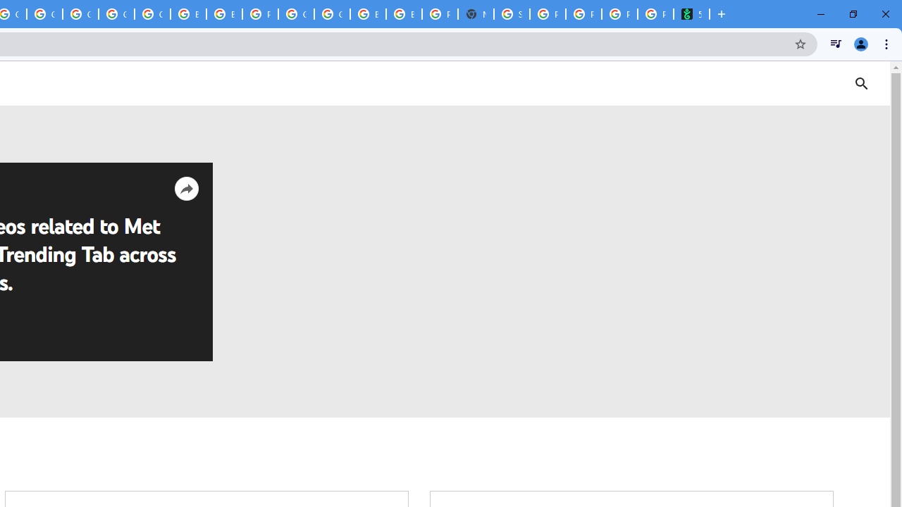 The image size is (902, 507). What do you see at coordinates (476, 14) in the screenshot?
I see `'New Tab'` at bounding box center [476, 14].